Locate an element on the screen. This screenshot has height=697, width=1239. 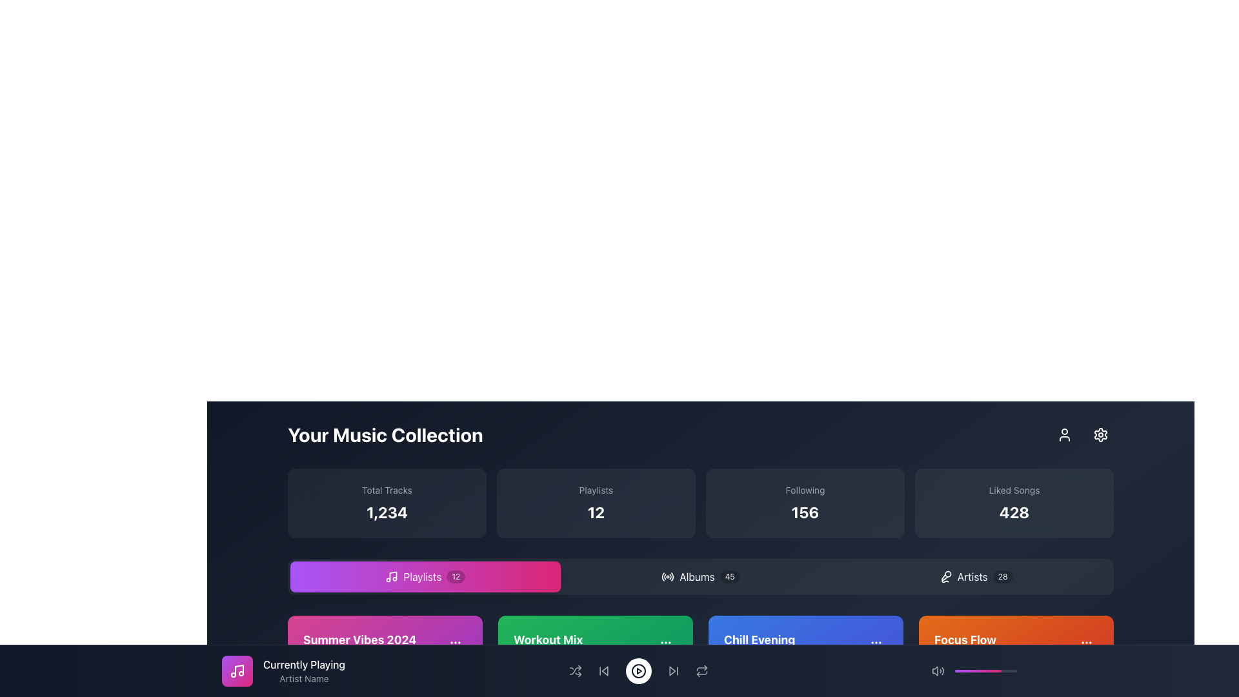
the Informational card displaying 'Following' and '156', positioned as the third card in the grid below 'Your Music Collection' is located at coordinates (805, 502).